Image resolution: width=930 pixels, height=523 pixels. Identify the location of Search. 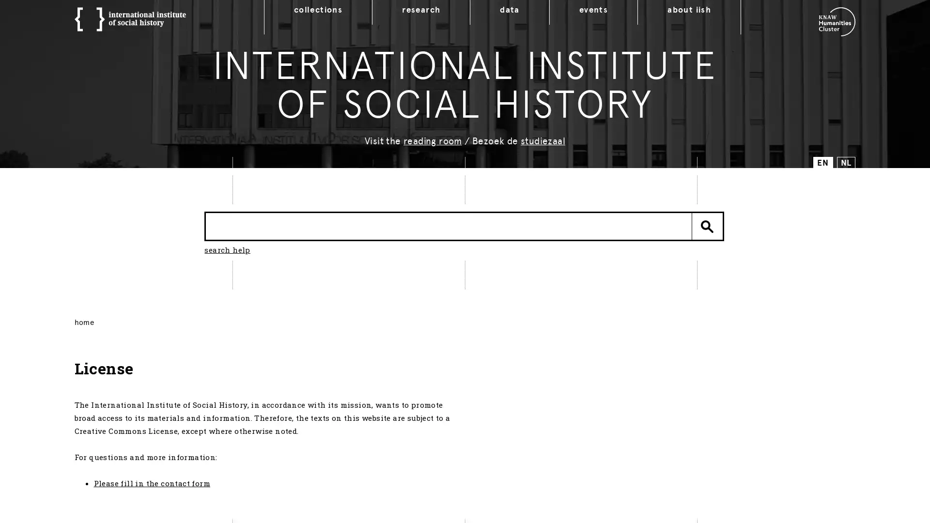
(707, 226).